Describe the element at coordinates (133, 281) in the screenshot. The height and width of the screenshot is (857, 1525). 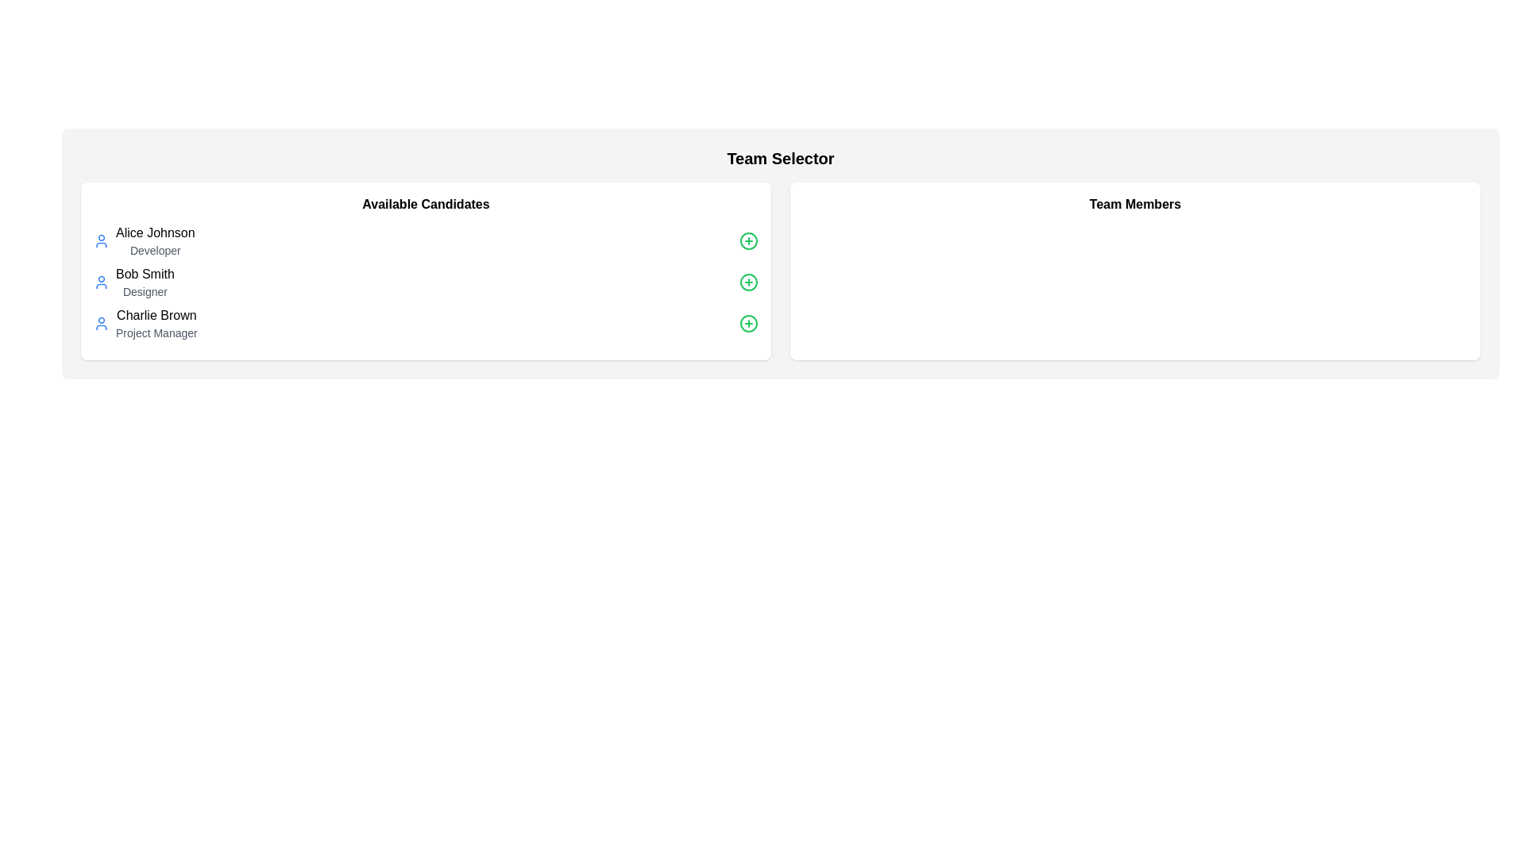
I see `the second entry in the list of available candidates, which displays information about a candidate including their name and role, located between 'Alice Johnson Developer' and 'Charlie Brown Project Manager'` at that location.